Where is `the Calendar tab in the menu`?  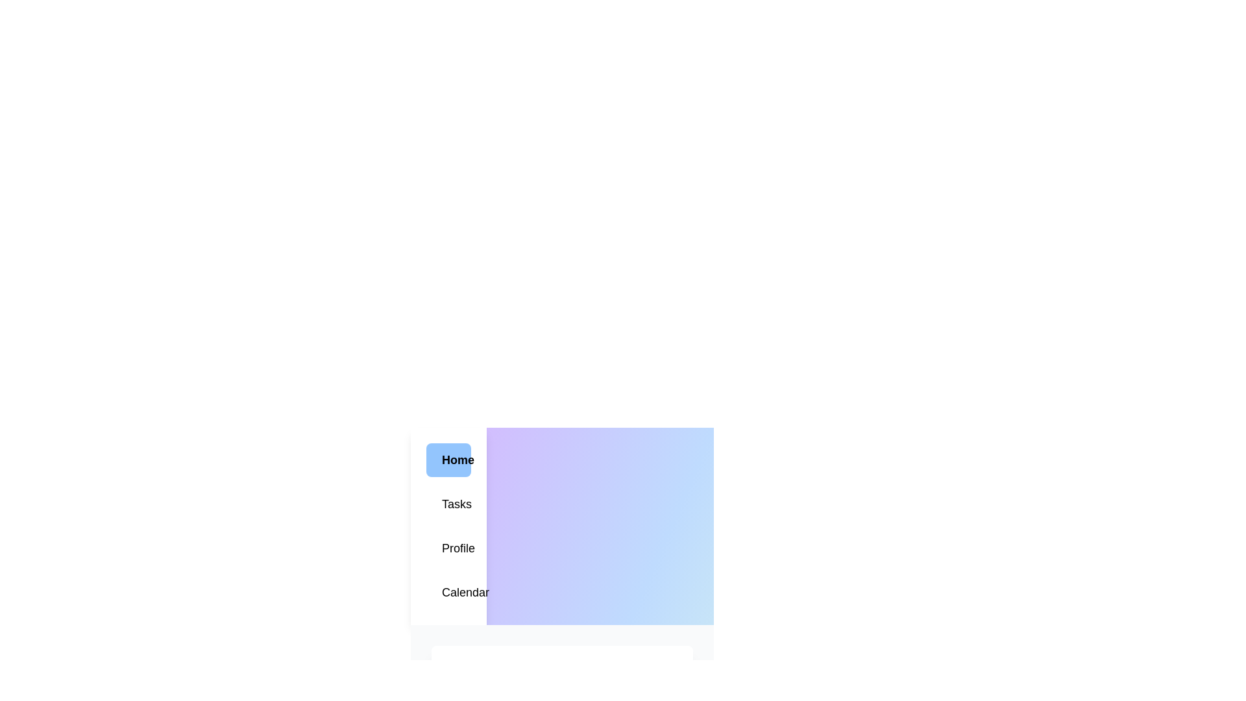
the Calendar tab in the menu is located at coordinates (448, 593).